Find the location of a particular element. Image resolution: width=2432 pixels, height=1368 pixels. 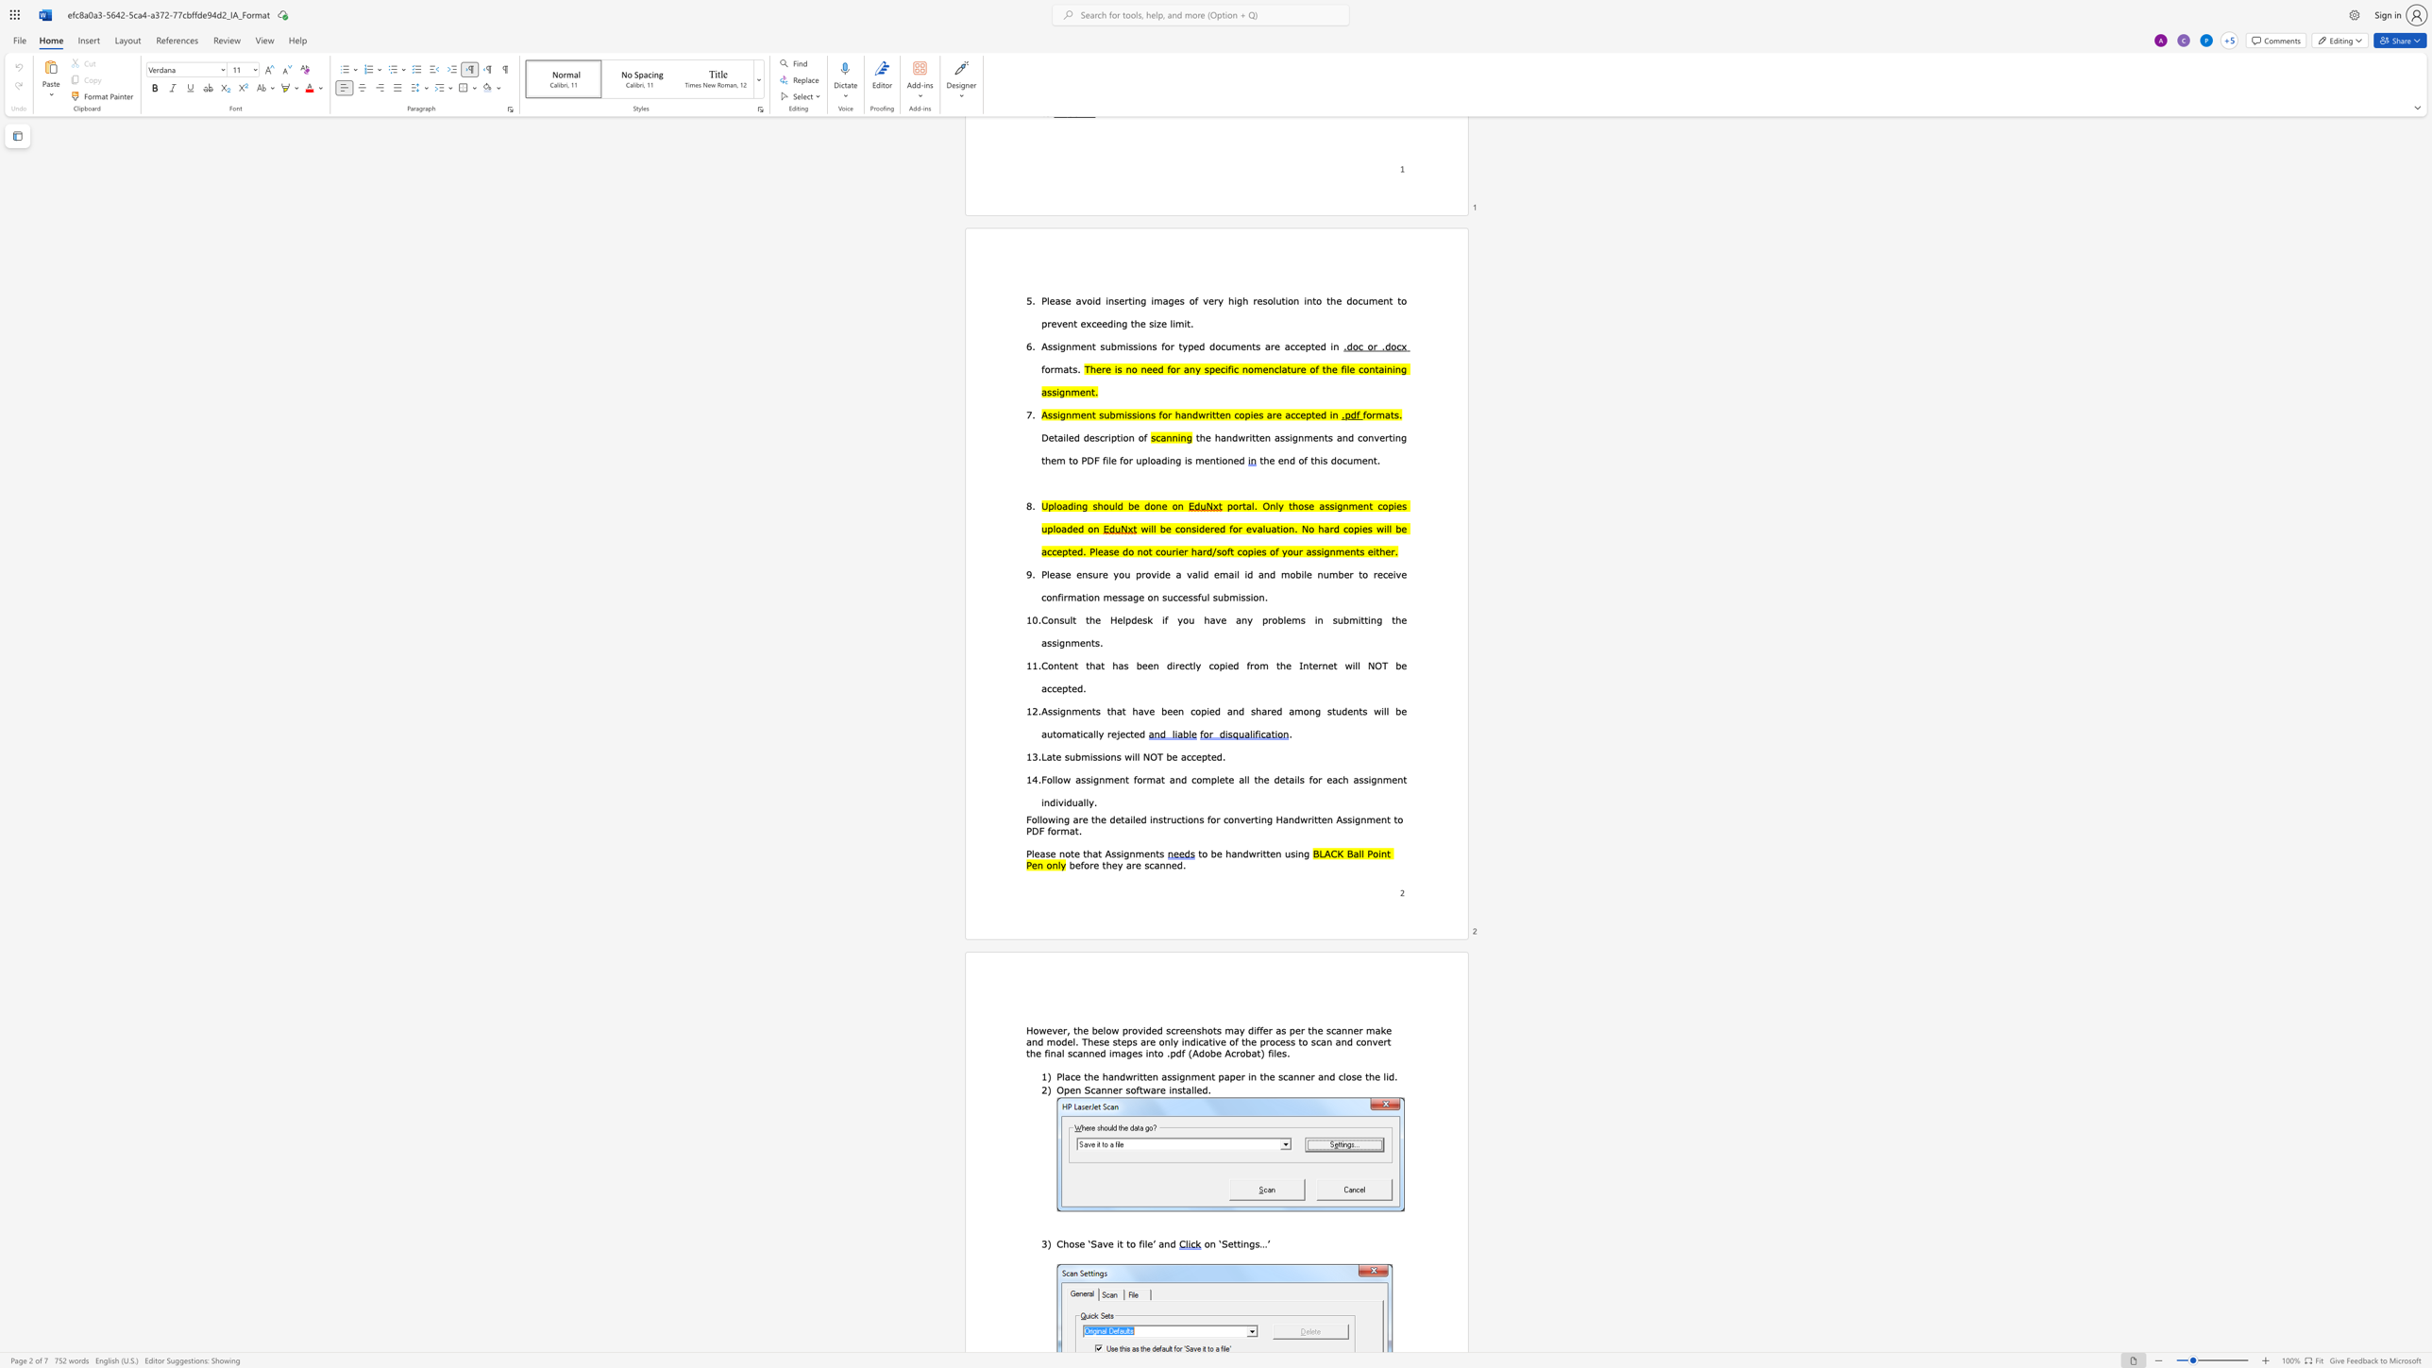

the 1th character "u" in the text is located at coordinates (1073, 802).